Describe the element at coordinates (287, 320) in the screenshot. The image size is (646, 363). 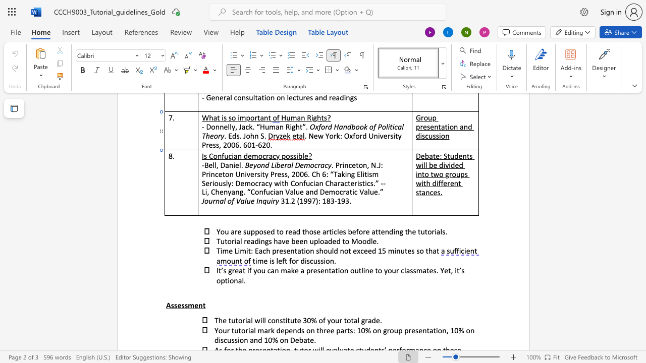
I see `the space between the continuous character "i" and "t" in the text` at that location.